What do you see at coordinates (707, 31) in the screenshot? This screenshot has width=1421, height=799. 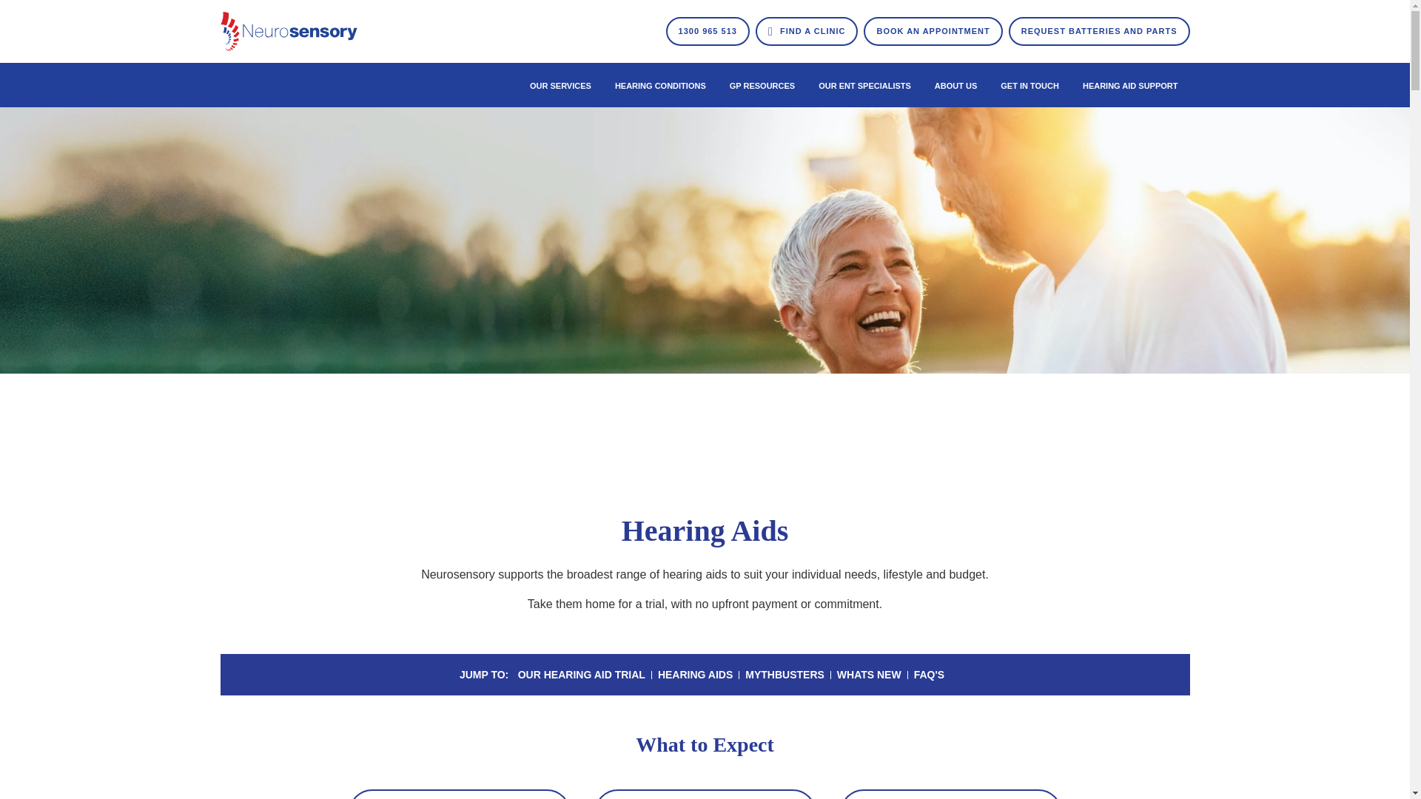 I see `'1300 965 513'` at bounding box center [707, 31].